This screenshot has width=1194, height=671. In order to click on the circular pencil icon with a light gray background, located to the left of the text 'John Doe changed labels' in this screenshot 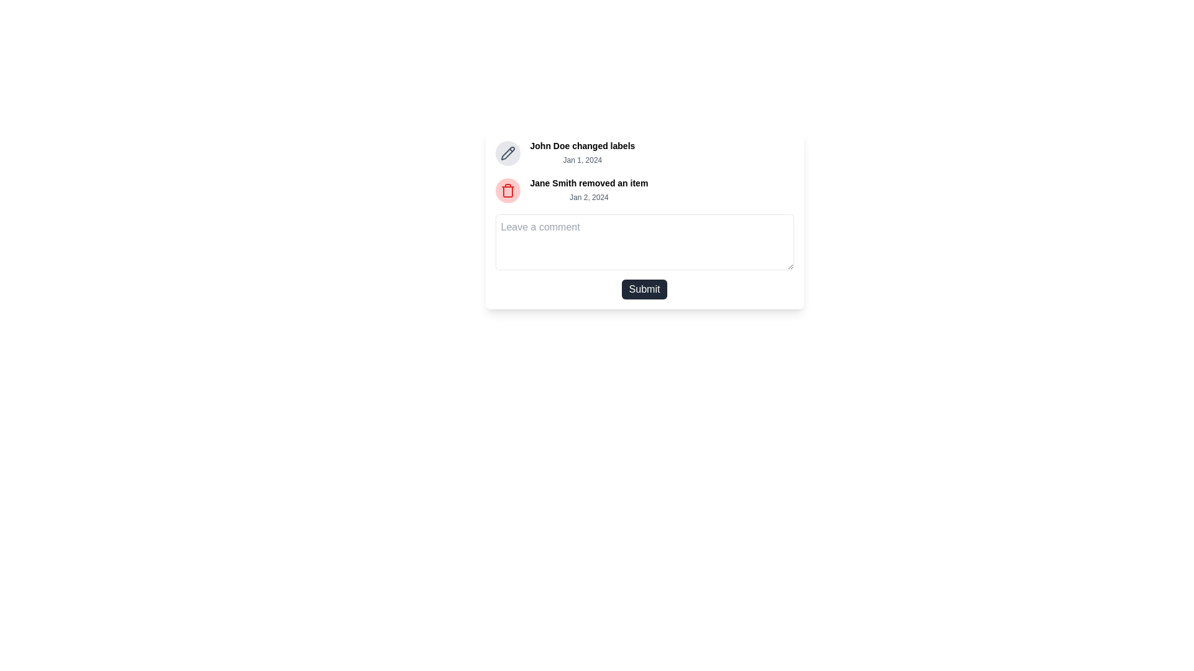, I will do `click(507, 152)`.